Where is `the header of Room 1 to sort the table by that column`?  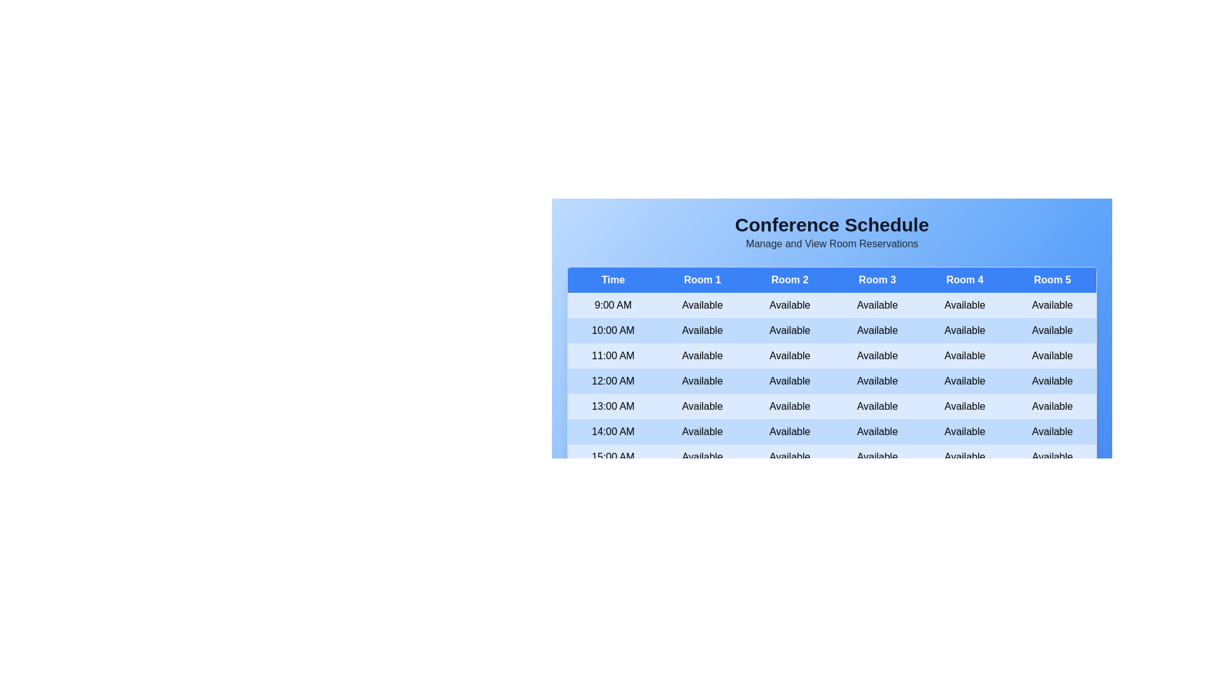 the header of Room 1 to sort the table by that column is located at coordinates (701, 279).